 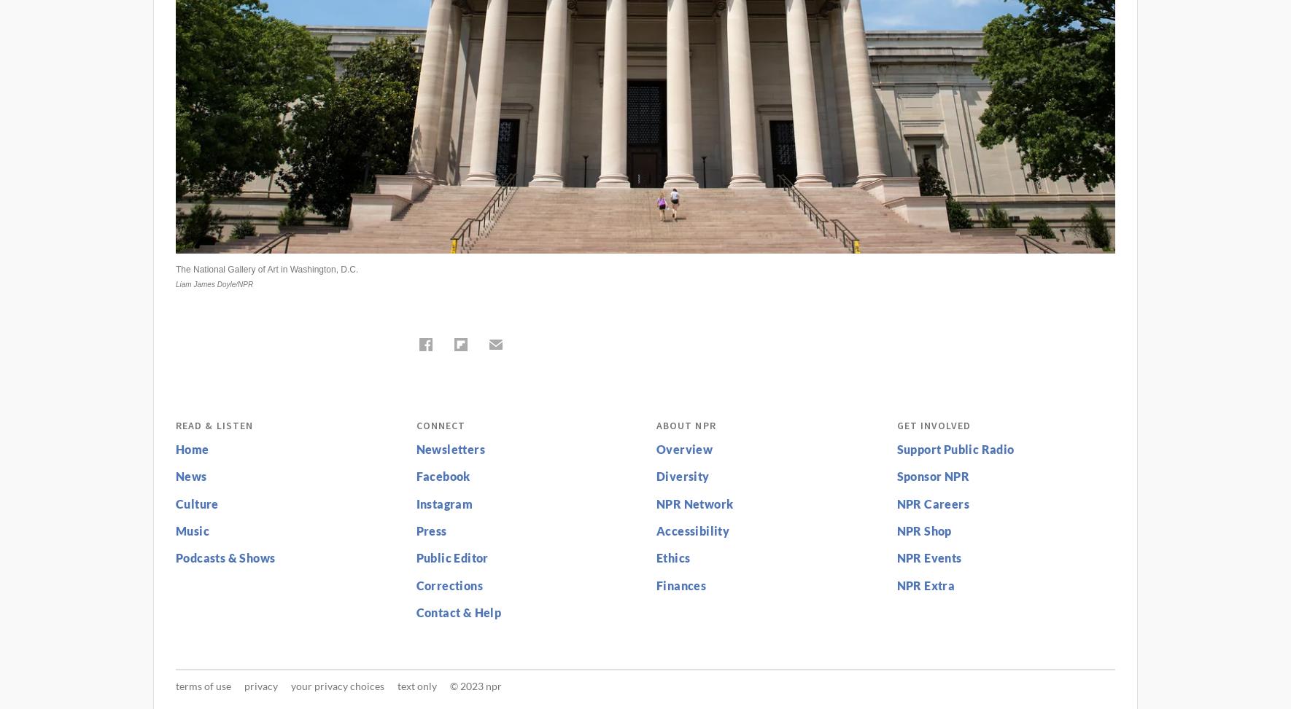 I want to click on 'Contact & Help', so click(x=457, y=612).